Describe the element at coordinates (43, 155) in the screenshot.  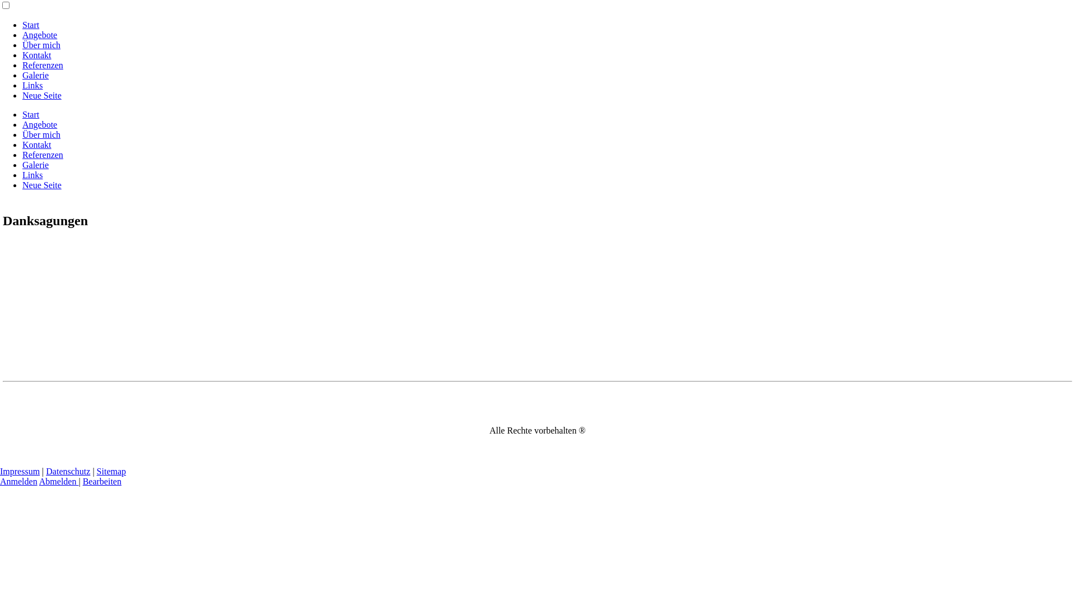
I see `'Referenzen'` at that location.